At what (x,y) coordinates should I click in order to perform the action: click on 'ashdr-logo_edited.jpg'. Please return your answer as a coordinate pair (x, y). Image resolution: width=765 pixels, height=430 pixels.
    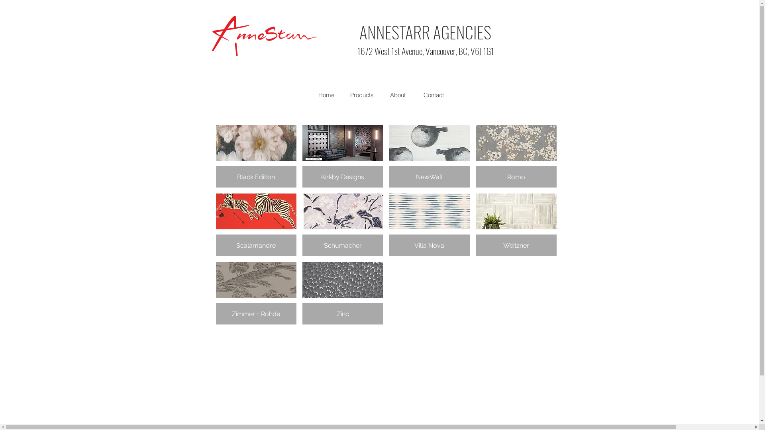
    Looking at the image, I should click on (264, 36).